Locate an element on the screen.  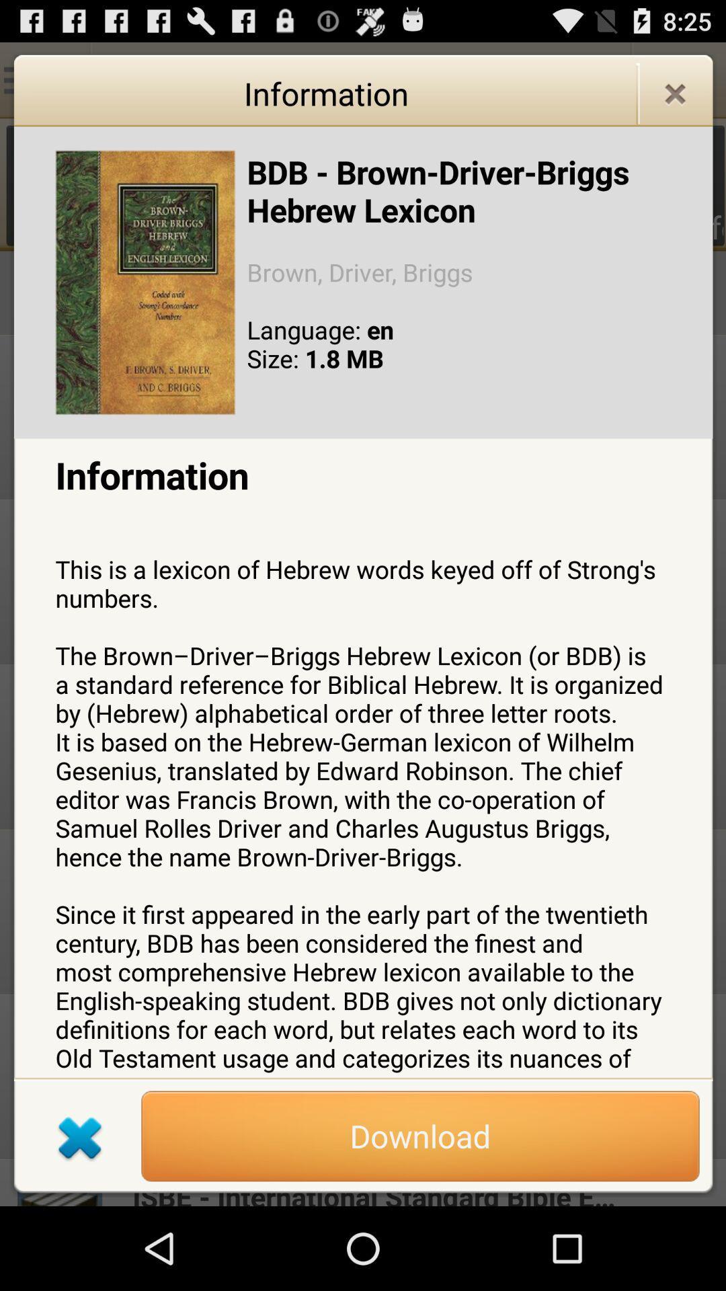
the close icon is located at coordinates (80, 1216).